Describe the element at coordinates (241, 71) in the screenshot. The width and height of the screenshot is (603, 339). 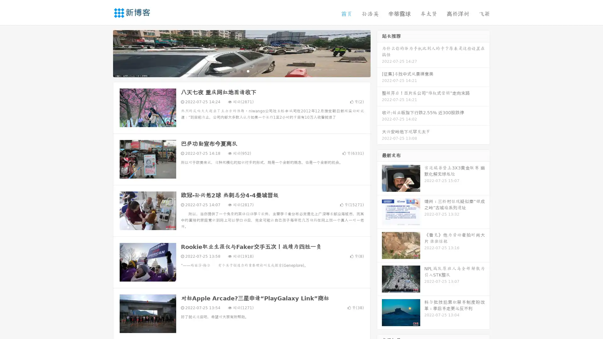
I see `Go to slide 2` at that location.